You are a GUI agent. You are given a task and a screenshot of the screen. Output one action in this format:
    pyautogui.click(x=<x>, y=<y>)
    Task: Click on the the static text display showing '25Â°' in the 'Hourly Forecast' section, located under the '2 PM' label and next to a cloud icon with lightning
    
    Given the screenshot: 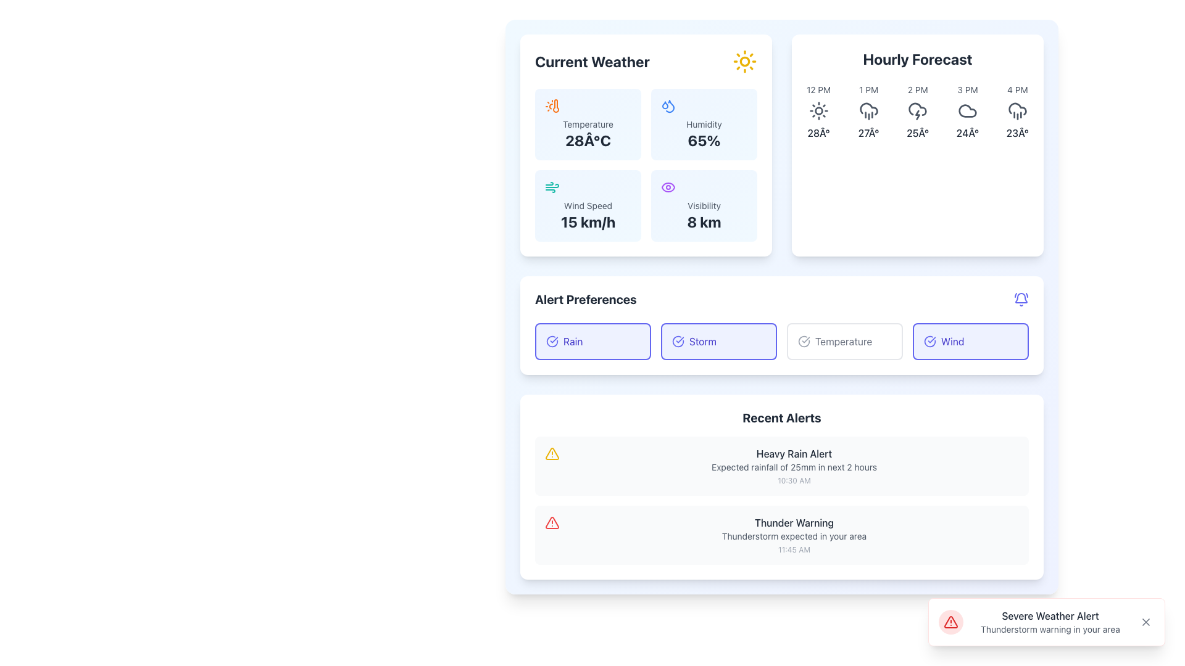 What is the action you would take?
    pyautogui.click(x=918, y=133)
    